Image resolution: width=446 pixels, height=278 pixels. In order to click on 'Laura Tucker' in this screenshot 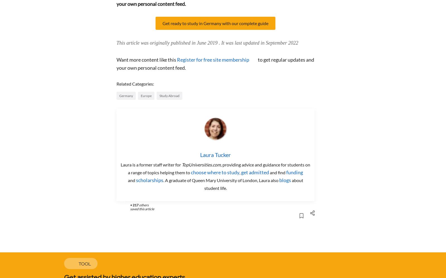, I will do `click(215, 155)`.